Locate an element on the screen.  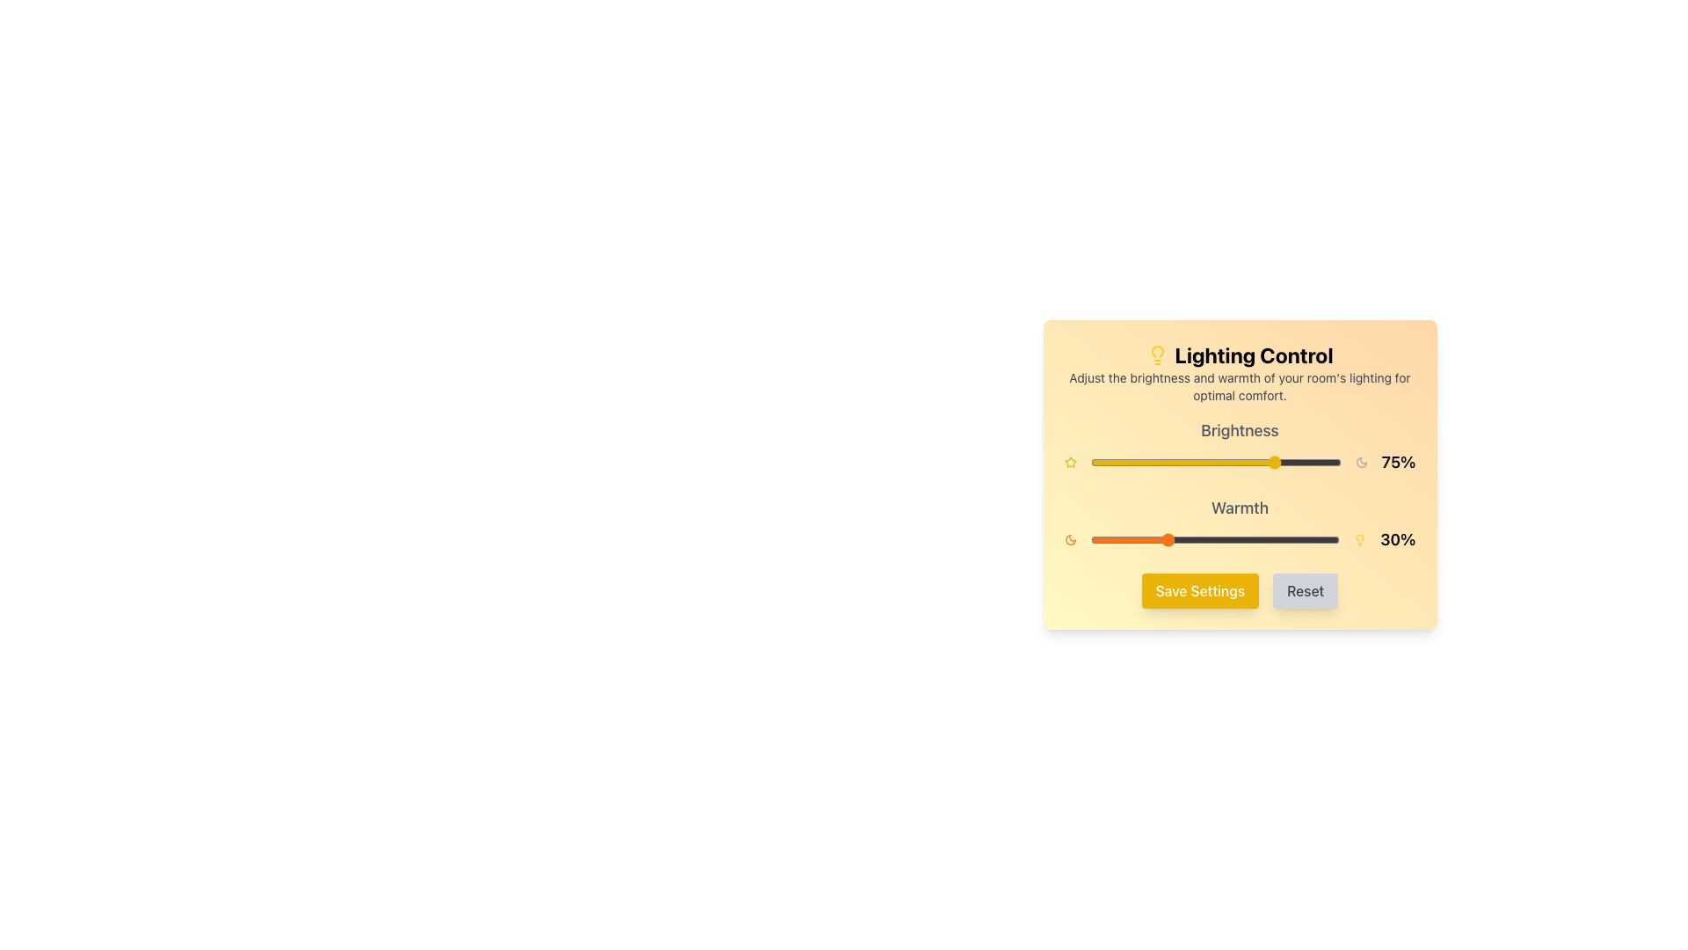
the brightness is located at coordinates (1210, 461).